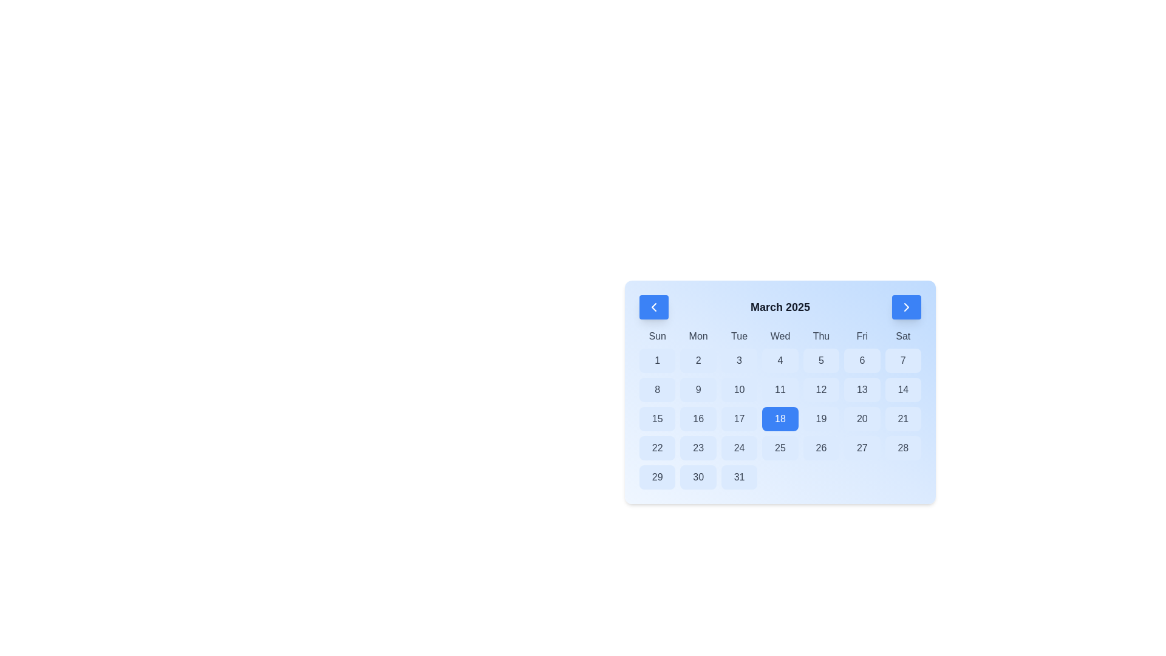 This screenshot has width=1166, height=656. What do you see at coordinates (738, 448) in the screenshot?
I see `the date selection button for the 24th day of the month in the calendar` at bounding box center [738, 448].